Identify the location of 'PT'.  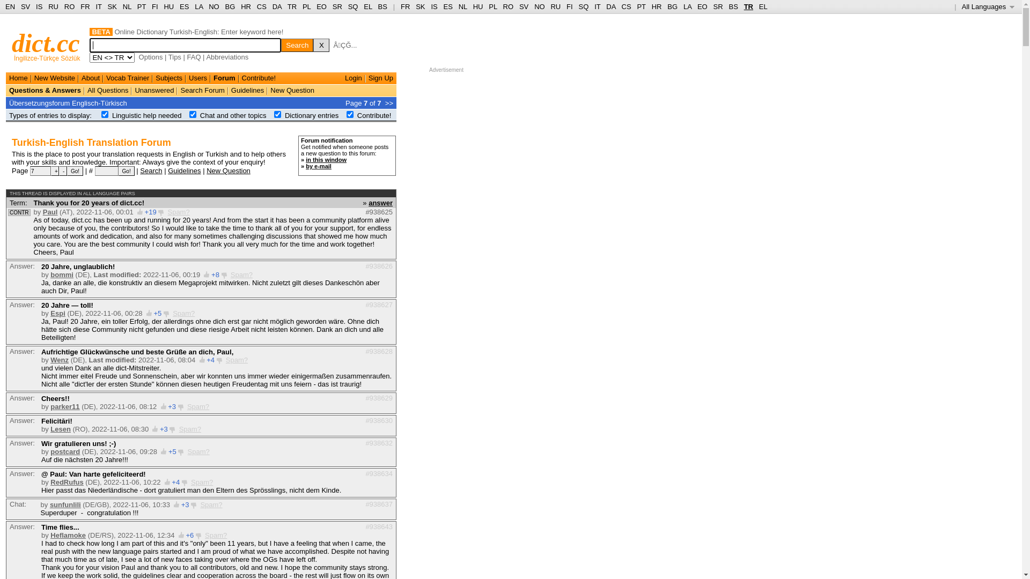
(641, 6).